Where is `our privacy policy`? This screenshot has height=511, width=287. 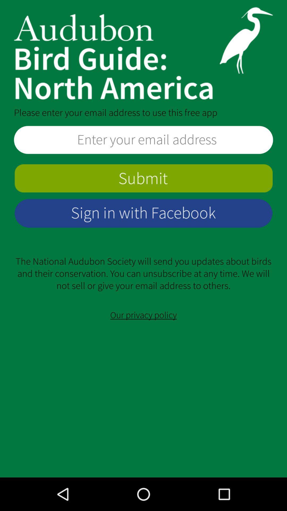
our privacy policy is located at coordinates (143, 315).